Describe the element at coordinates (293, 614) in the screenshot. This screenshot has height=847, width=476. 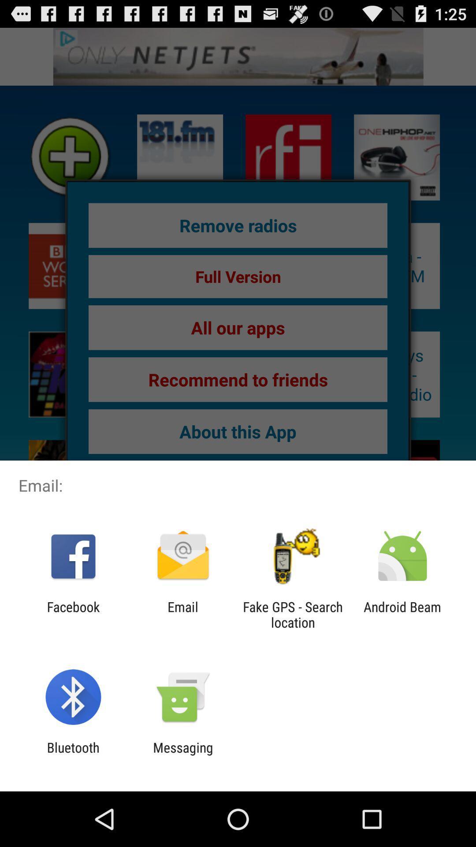
I see `the item next to the email app` at that location.